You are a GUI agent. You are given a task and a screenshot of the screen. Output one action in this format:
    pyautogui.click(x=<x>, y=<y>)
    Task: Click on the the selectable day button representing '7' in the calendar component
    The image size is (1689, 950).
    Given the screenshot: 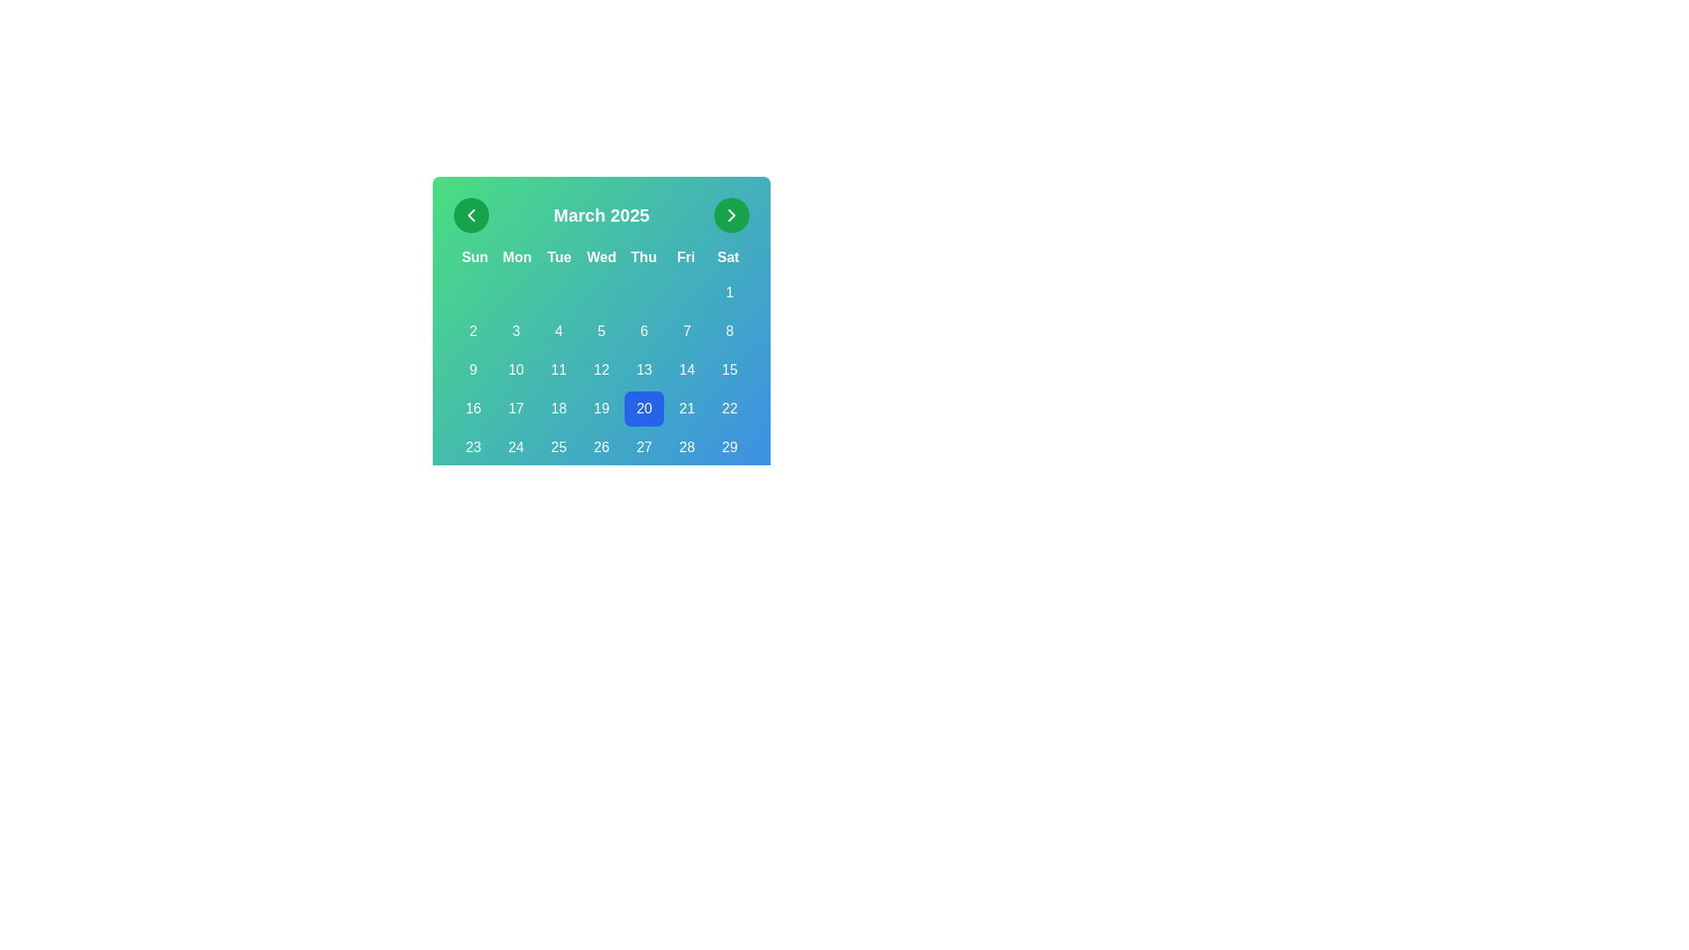 What is the action you would take?
    pyautogui.click(x=686, y=332)
    